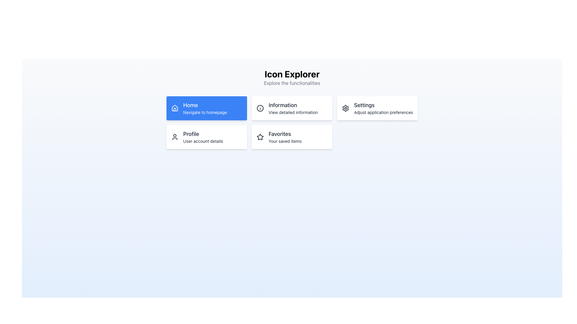  What do you see at coordinates (292, 83) in the screenshot?
I see `information from the text label that reads 'Explore the functionalities', which is located directly below the header 'Icon Explorer'` at bounding box center [292, 83].